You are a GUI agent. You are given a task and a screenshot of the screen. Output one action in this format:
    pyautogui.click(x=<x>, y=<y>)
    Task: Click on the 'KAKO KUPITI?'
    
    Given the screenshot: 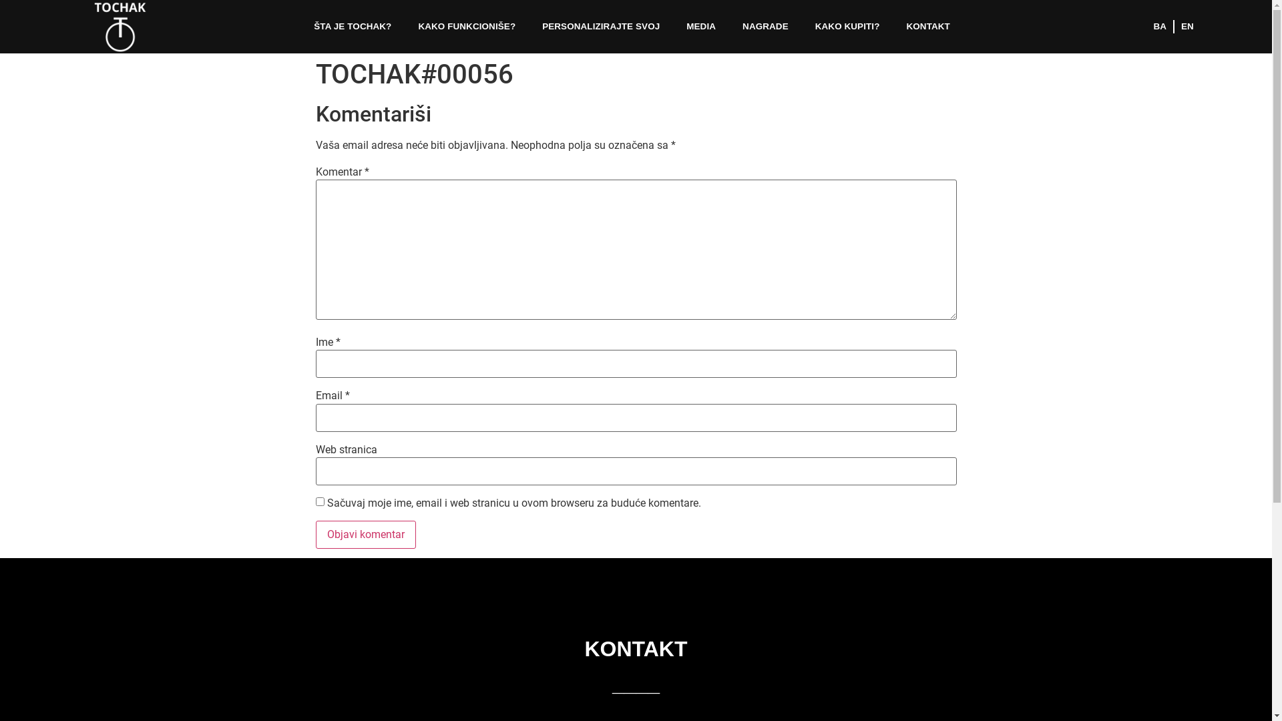 What is the action you would take?
    pyautogui.click(x=847, y=26)
    